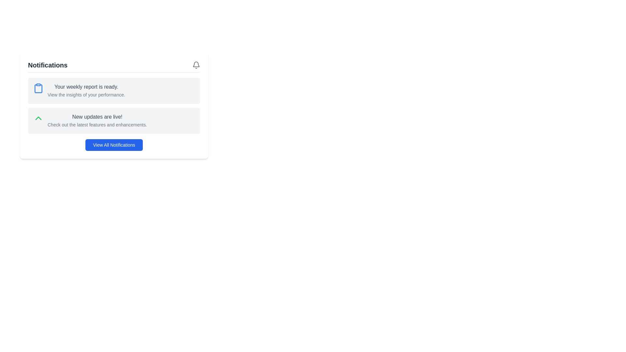  I want to click on the bell-shaped notification icon, which is gray in color, located at the far right side of the header, adjacent to the 'Notifications' title, so click(196, 65).